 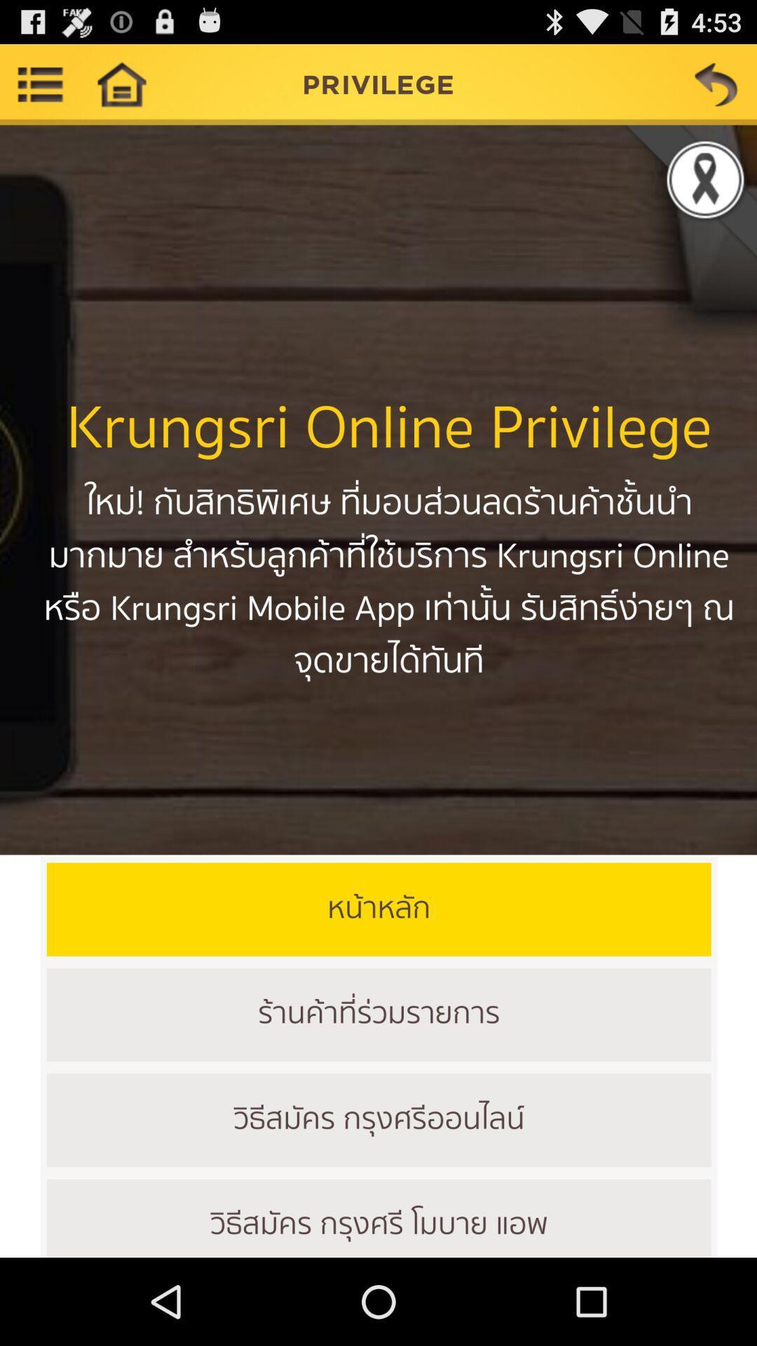 I want to click on back the option, so click(x=716, y=83).